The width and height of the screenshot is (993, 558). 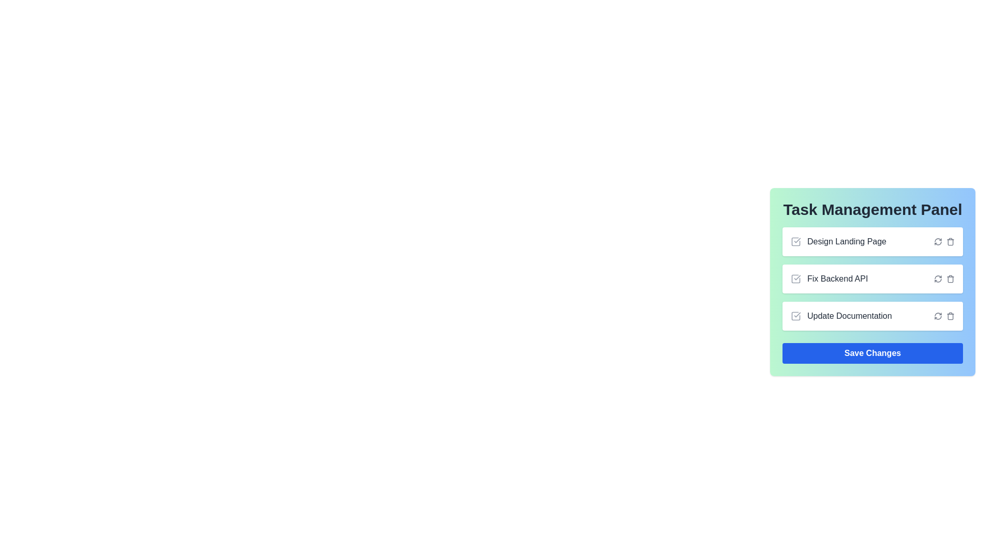 I want to click on the refresh button with a circular reload icon located to the right of the 'Fix Backend API' task description to initiate the reload action, so click(x=938, y=279).